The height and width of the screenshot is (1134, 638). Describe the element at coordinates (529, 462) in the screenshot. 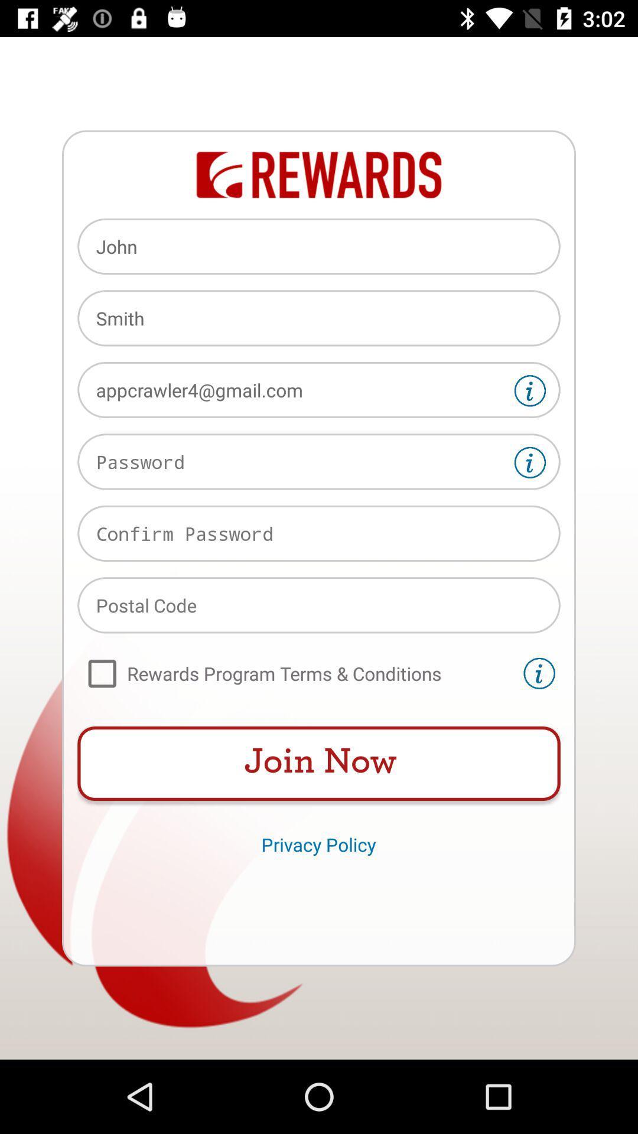

I see `password` at that location.